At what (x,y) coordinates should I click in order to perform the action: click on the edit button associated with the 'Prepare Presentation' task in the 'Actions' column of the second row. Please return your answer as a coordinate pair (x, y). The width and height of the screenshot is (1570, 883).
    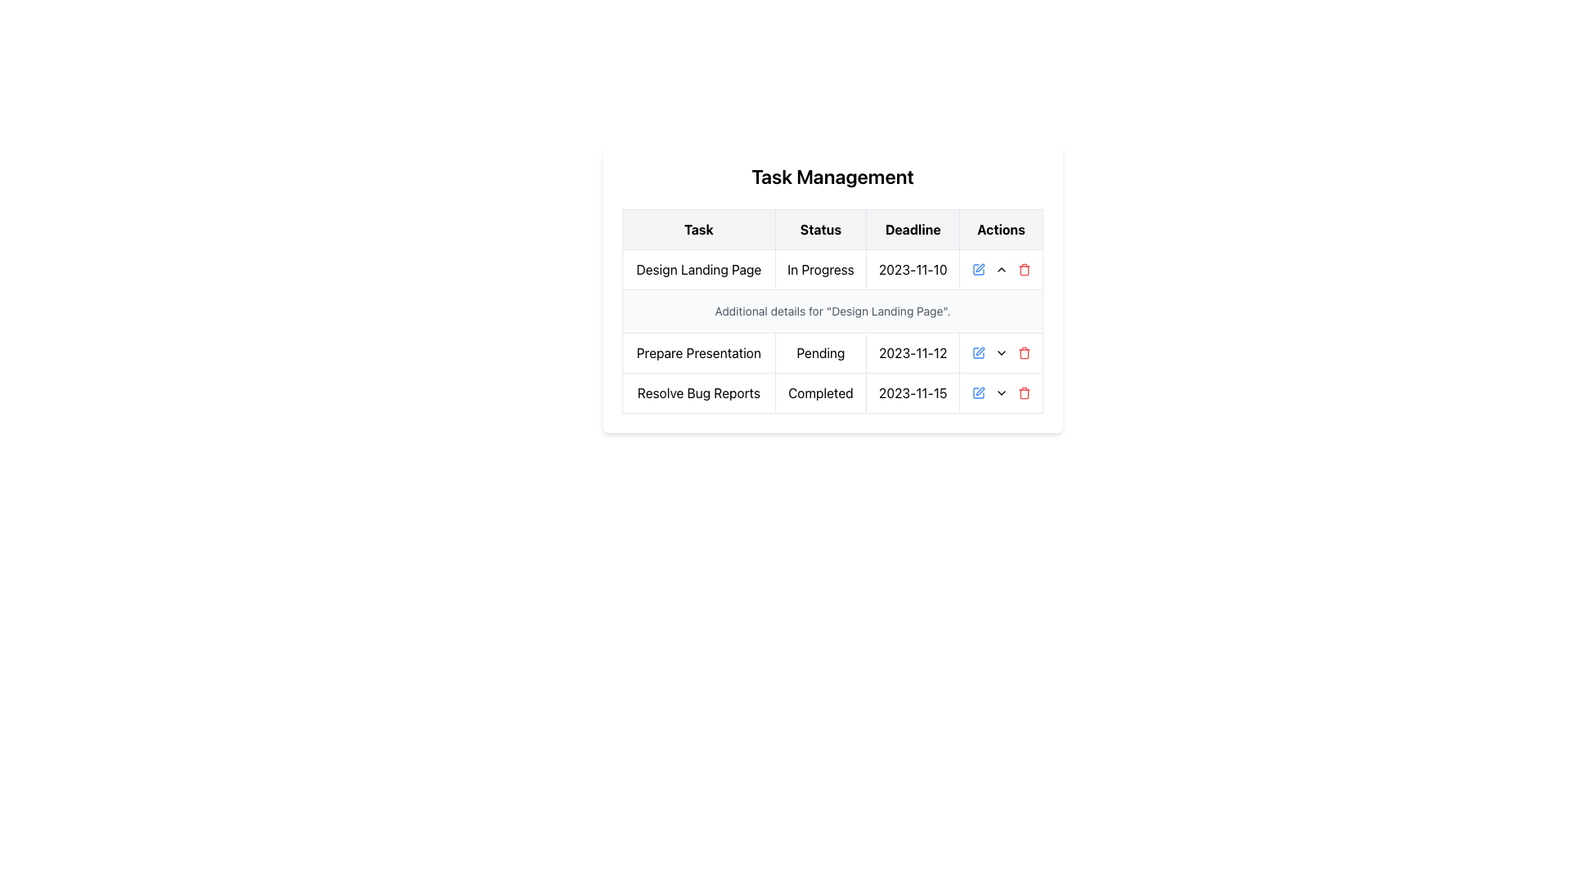
    Looking at the image, I should click on (978, 352).